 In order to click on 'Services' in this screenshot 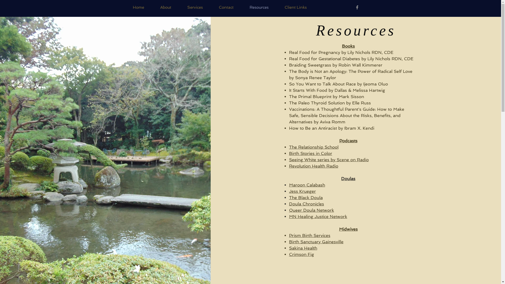, I will do `click(195, 7)`.